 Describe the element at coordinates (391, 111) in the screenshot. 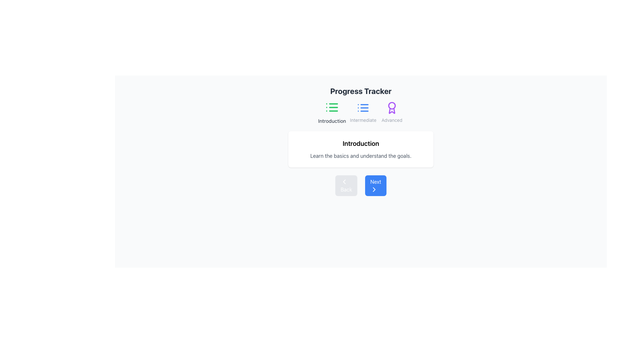

I see `the Graphical Icon Component that symbolizes the advanced or final stage in a sequential progress tracker` at that location.